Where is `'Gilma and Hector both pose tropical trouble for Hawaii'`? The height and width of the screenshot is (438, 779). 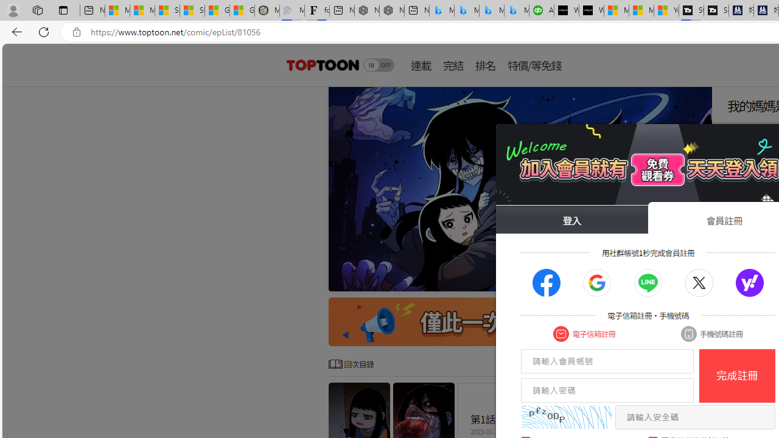 'Gilma and Hector both pose tropical trouble for Hawaii' is located at coordinates (242, 10).